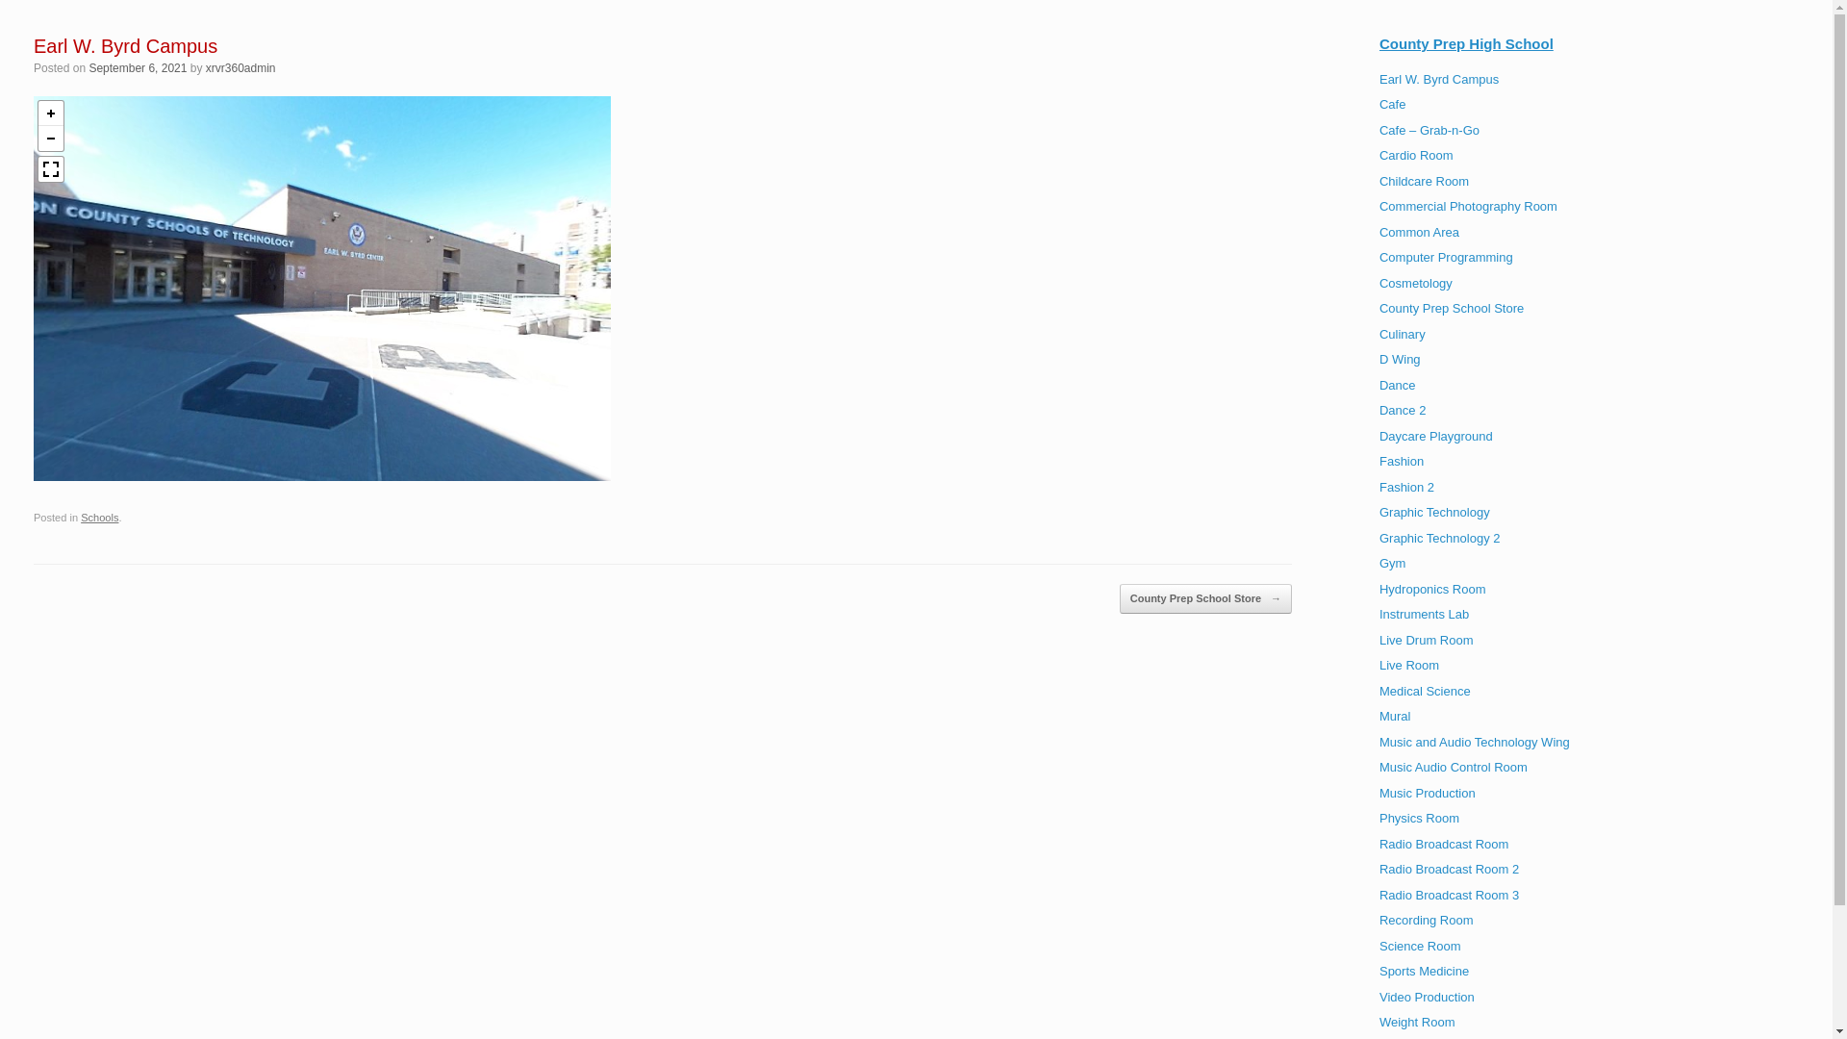  What do you see at coordinates (1379, 206) in the screenshot?
I see `'Commercial Photography Room'` at bounding box center [1379, 206].